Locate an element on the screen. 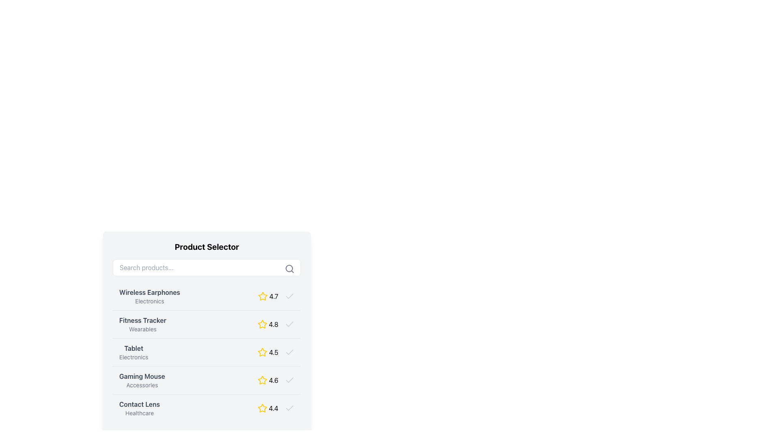 This screenshot has width=779, height=438. the Star Icon located to the left of the text '4.7' in the 'Wireless Earphones' row under the 'Product Selector' header is located at coordinates (263, 296).